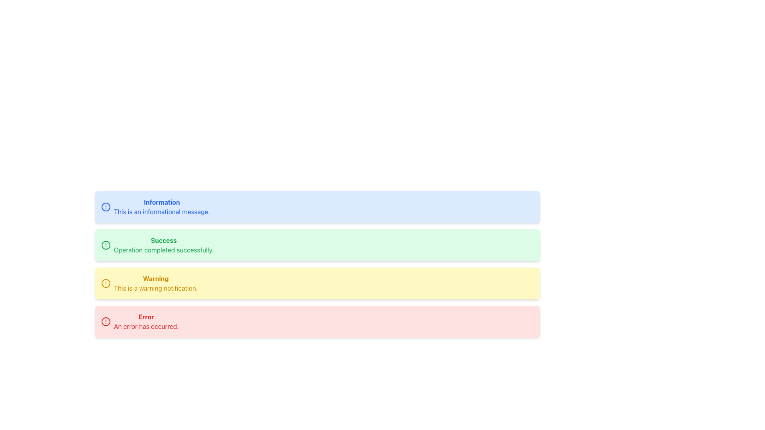 This screenshot has width=765, height=430. What do you see at coordinates (163, 245) in the screenshot?
I see `the success notification text element located in the second green notification block, which indicates that an operation has completed successfully` at bounding box center [163, 245].